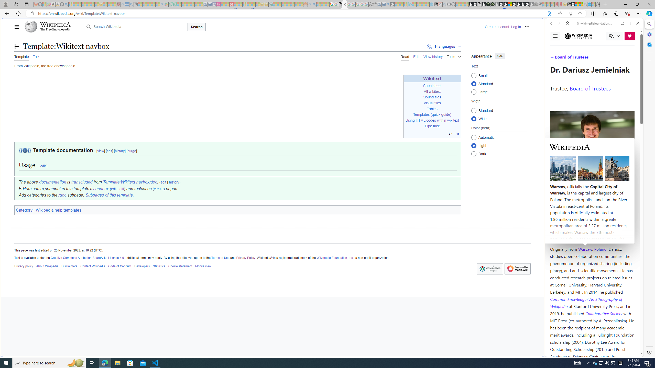 The width and height of the screenshot is (655, 368). What do you see at coordinates (454, 56) in the screenshot?
I see `'Tools'` at bounding box center [454, 56].